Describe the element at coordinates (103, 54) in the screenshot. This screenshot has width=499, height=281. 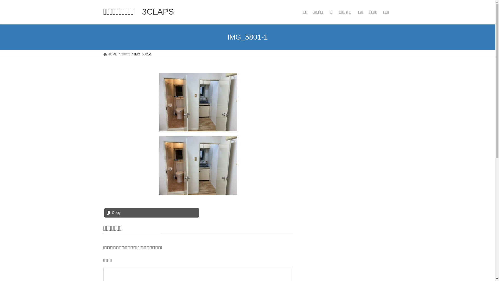
I see `'HOME'` at that location.